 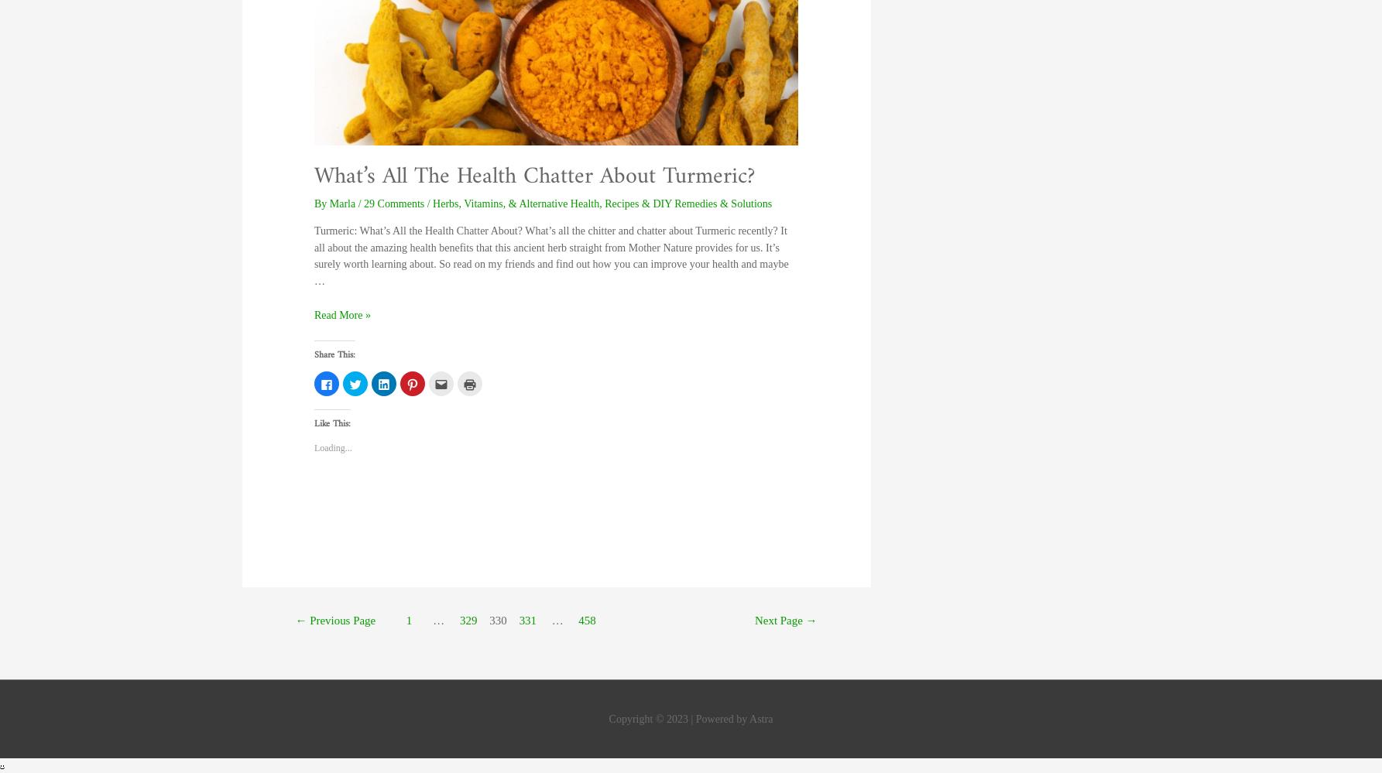 I want to click on '330', so click(x=496, y=620).